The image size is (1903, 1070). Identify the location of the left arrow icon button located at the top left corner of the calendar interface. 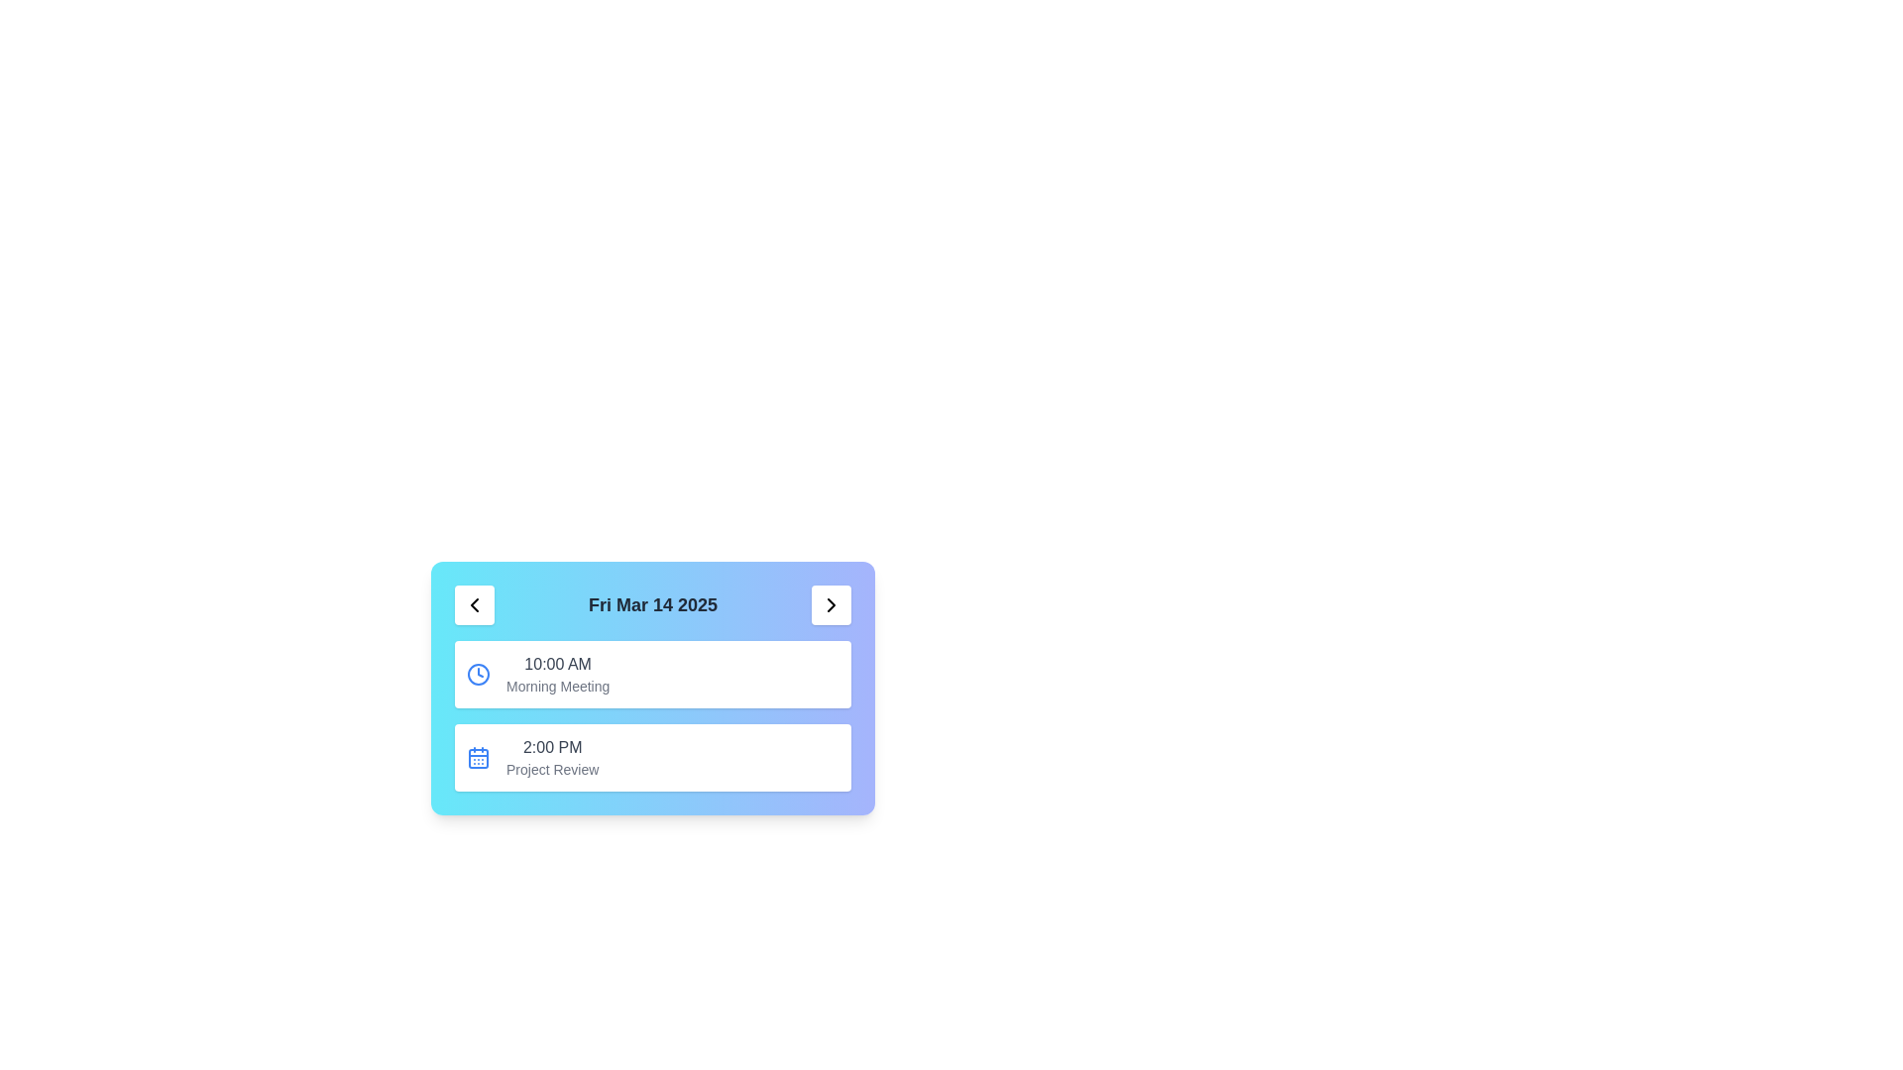
(474, 603).